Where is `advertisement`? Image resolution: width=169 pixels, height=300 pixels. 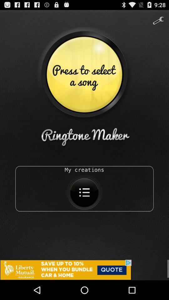 advertisement is located at coordinates (84, 270).